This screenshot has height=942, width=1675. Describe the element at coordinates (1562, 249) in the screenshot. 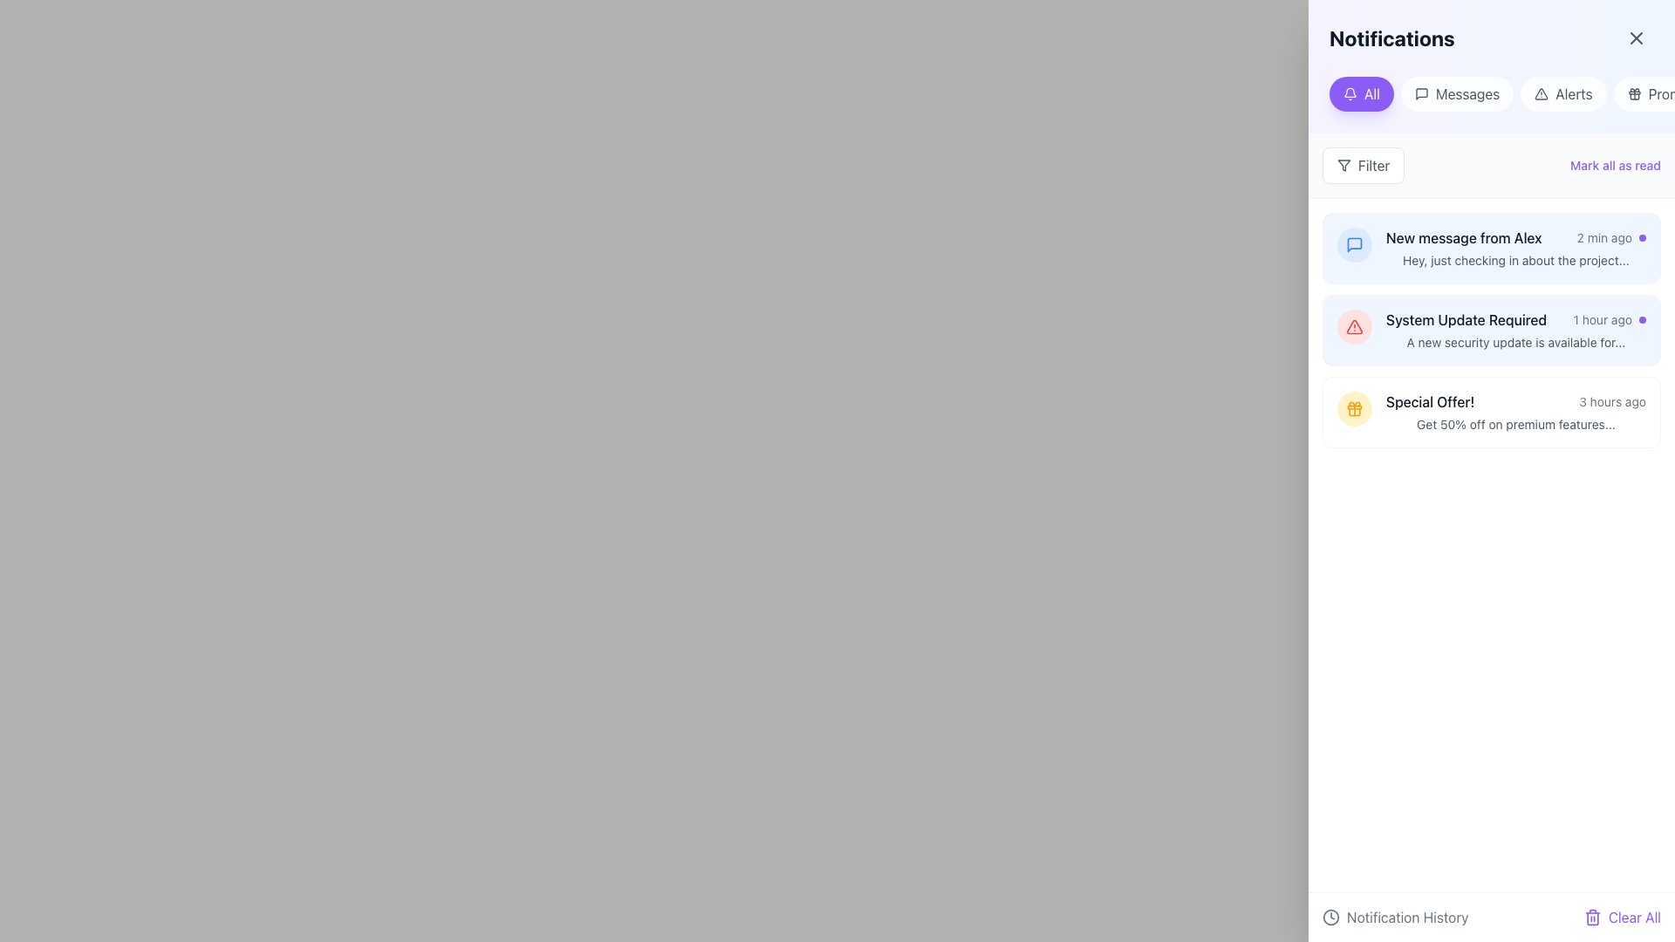

I see `the middle part of the archive icon in the notification list, which is styled as a gray vector graphic and is adjacent to the notification titled 'New message from Alex'` at that location.